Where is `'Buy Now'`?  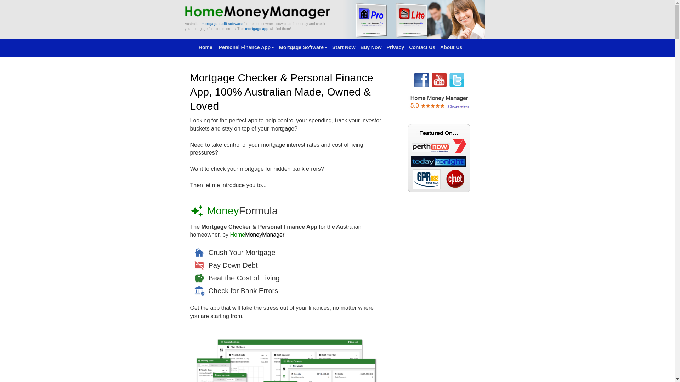
'Buy Now' is located at coordinates (370, 47).